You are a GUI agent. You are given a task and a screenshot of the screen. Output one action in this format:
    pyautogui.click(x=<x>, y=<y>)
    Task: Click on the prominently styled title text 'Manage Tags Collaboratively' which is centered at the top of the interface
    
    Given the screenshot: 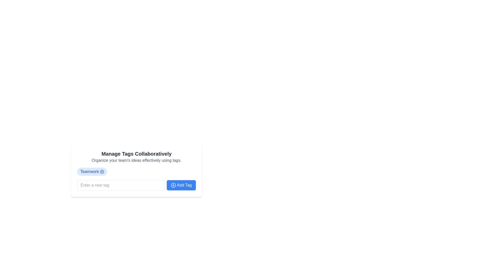 What is the action you would take?
    pyautogui.click(x=136, y=153)
    